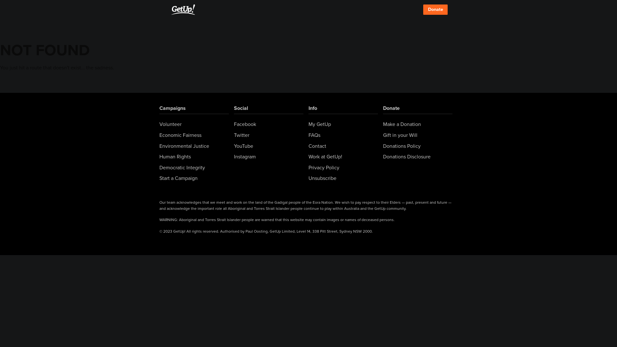 The height and width of the screenshot is (347, 617). Describe the element at coordinates (322, 178) in the screenshot. I see `'Unsubscribe'` at that location.